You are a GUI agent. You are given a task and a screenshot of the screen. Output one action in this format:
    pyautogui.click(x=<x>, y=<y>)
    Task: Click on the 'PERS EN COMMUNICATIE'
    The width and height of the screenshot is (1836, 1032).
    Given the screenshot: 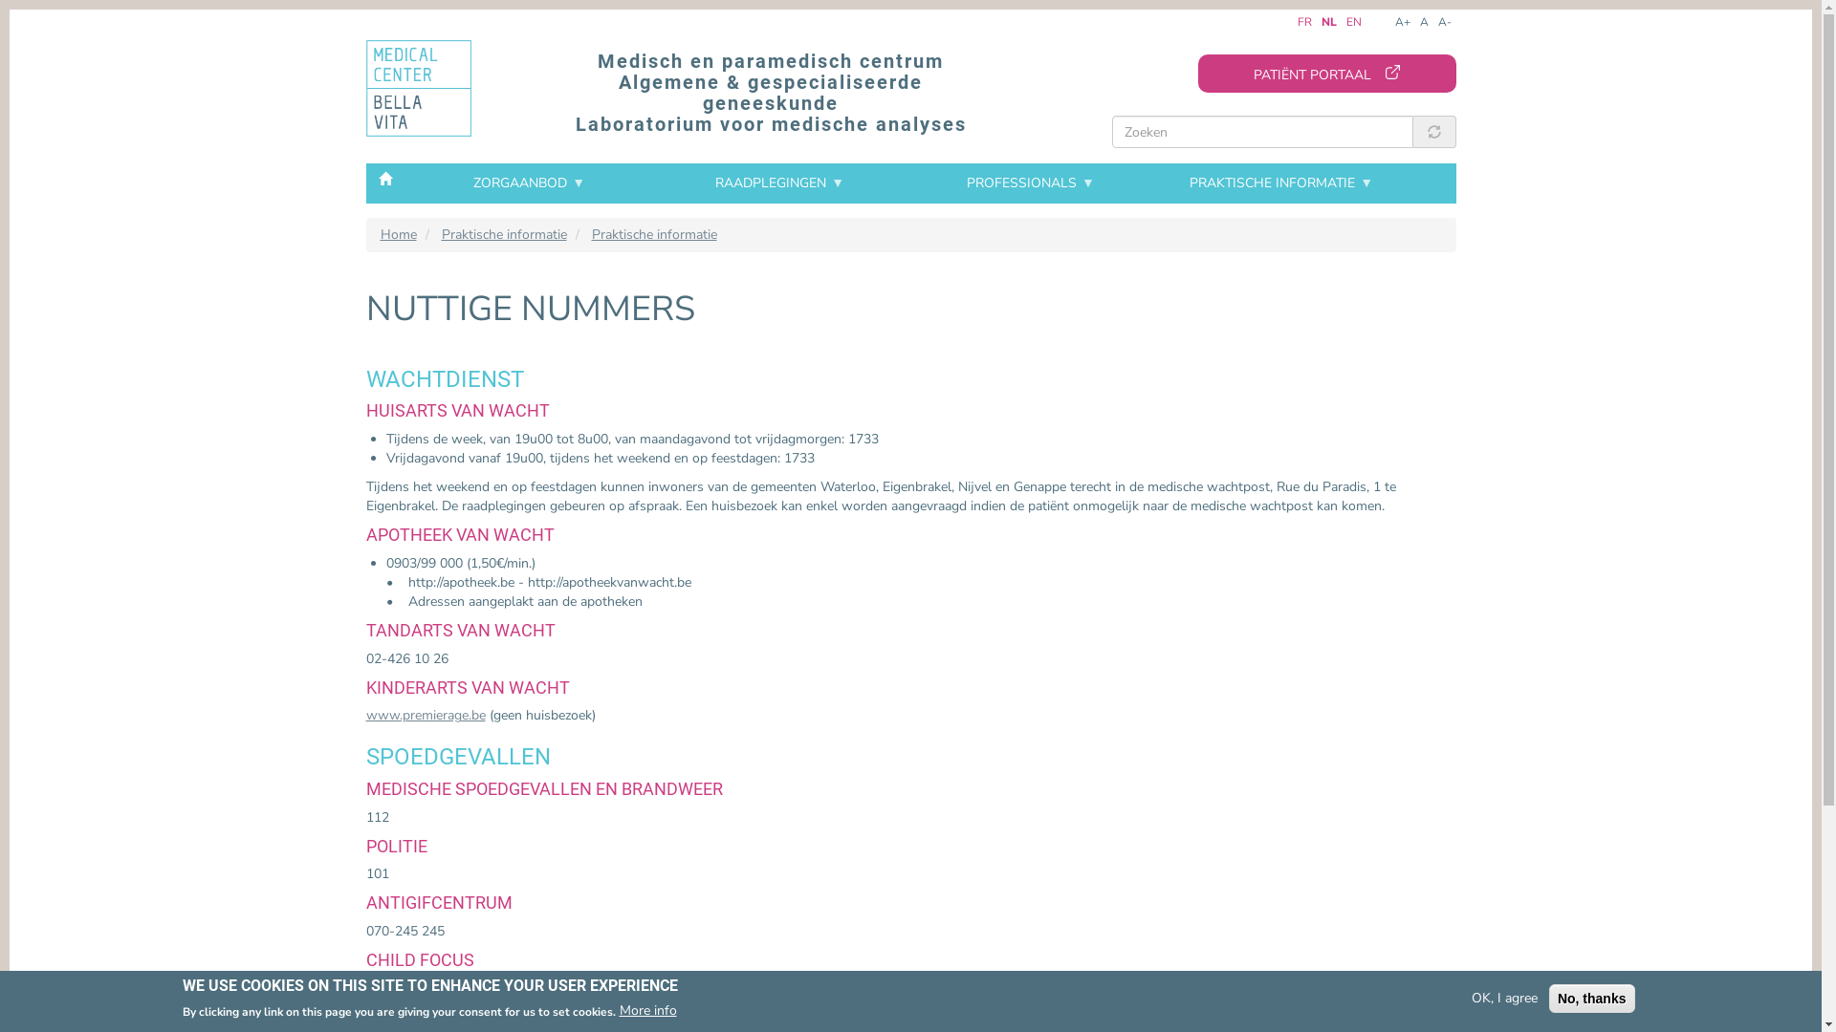 What is the action you would take?
    pyautogui.click(x=488, y=468)
    